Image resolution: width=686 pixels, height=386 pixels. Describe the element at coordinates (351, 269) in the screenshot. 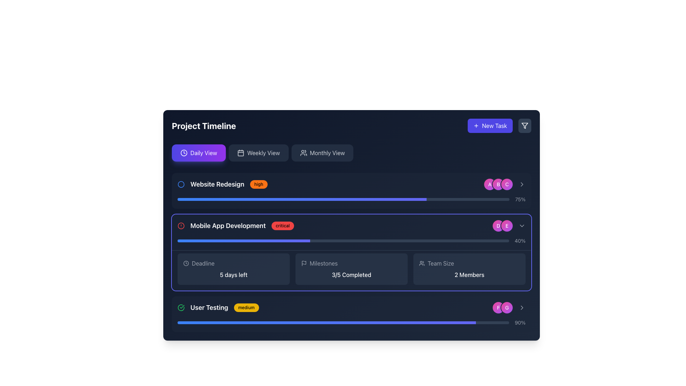

I see `the 'Milestones' informational status card element to focus on it, which is the second card from the left in the Mobile App Development section` at that location.